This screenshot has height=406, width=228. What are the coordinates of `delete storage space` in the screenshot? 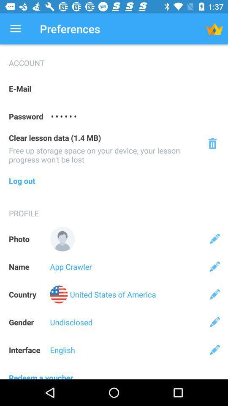 It's located at (212, 143).